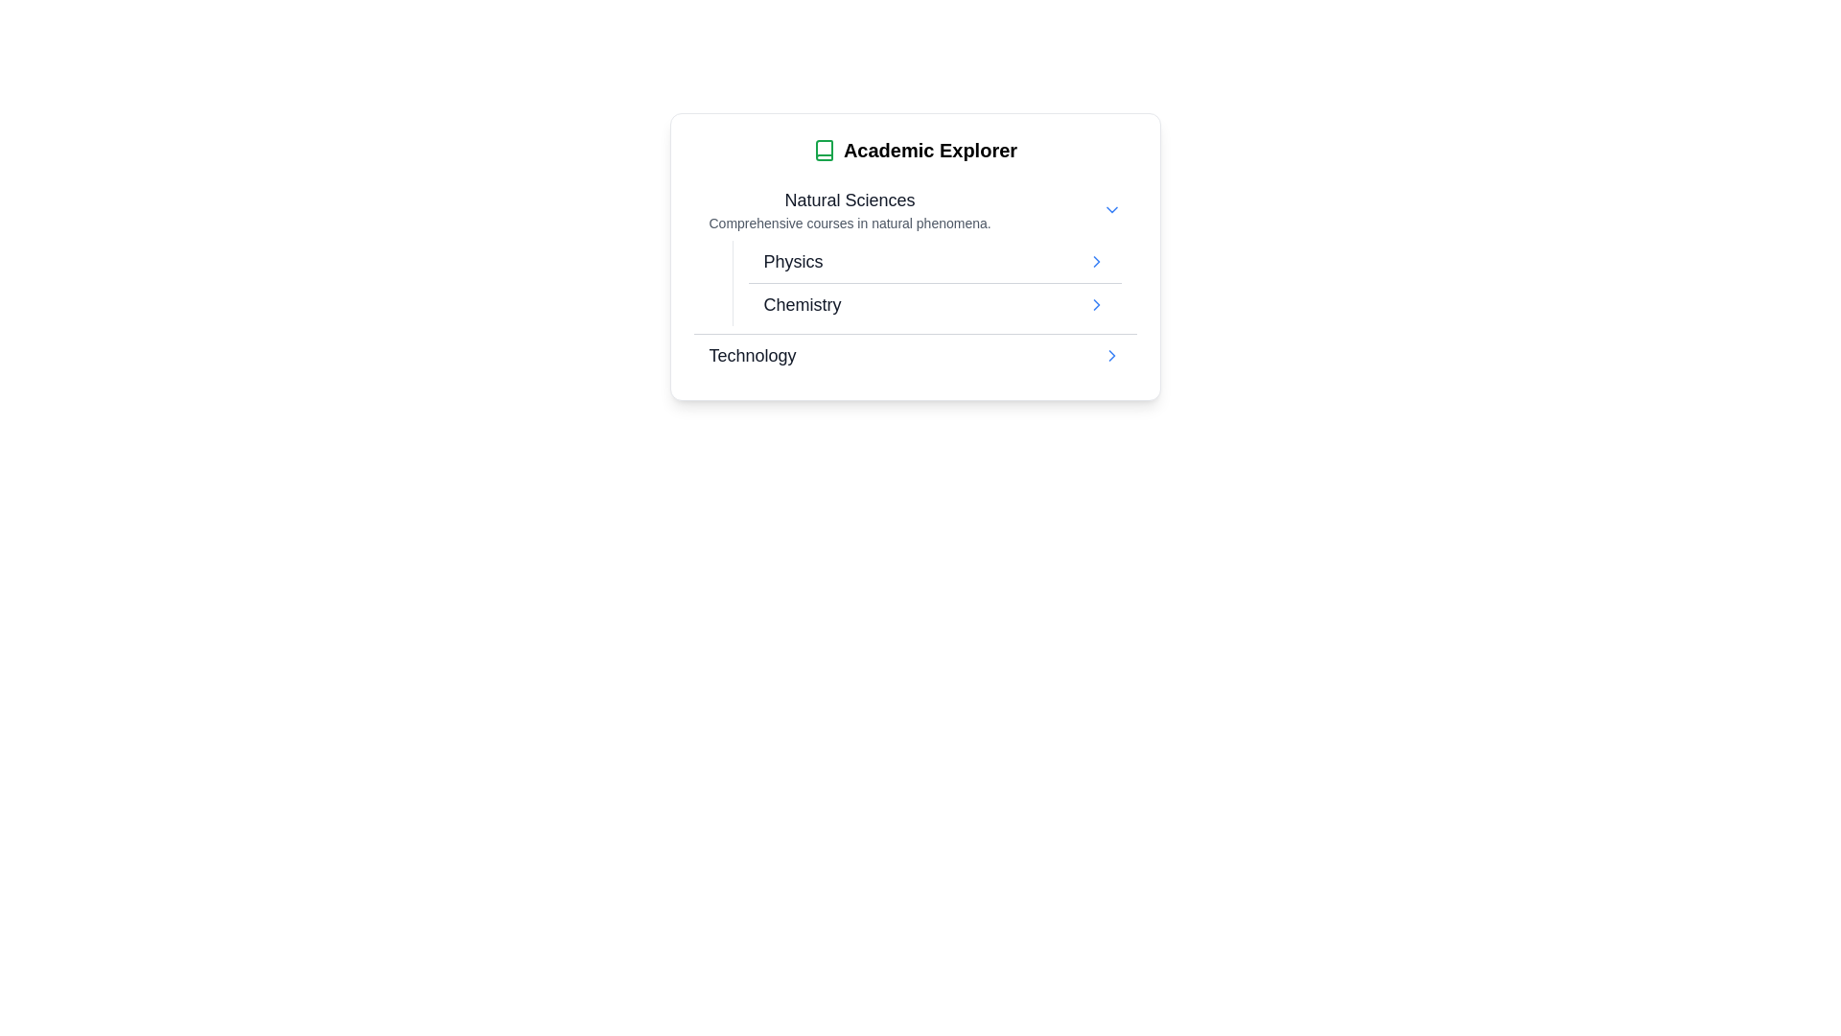 The image size is (1841, 1036). What do you see at coordinates (849, 200) in the screenshot?
I see `the text label that reads 'Natural Sciences', which is prominently styled in larger font size and bold weight, located under the title 'Academic Explorer'` at bounding box center [849, 200].